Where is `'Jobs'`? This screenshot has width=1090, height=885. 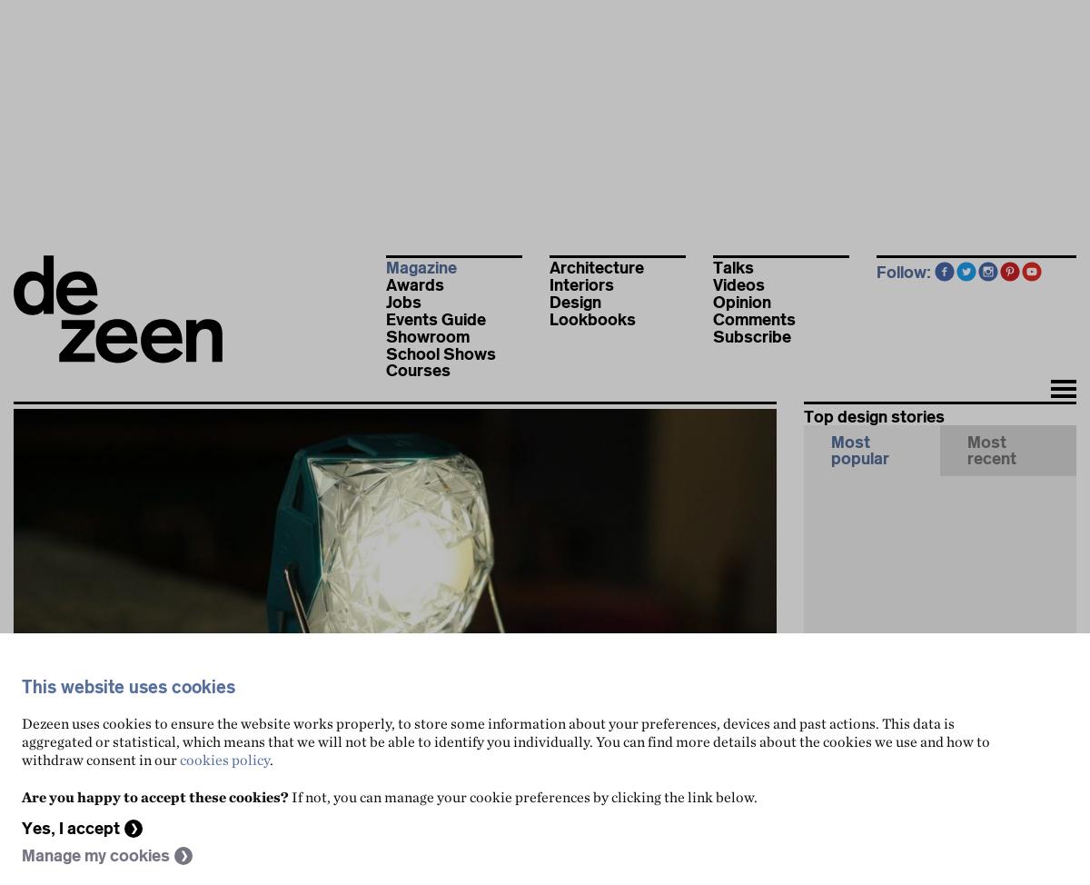 'Jobs' is located at coordinates (403, 302).